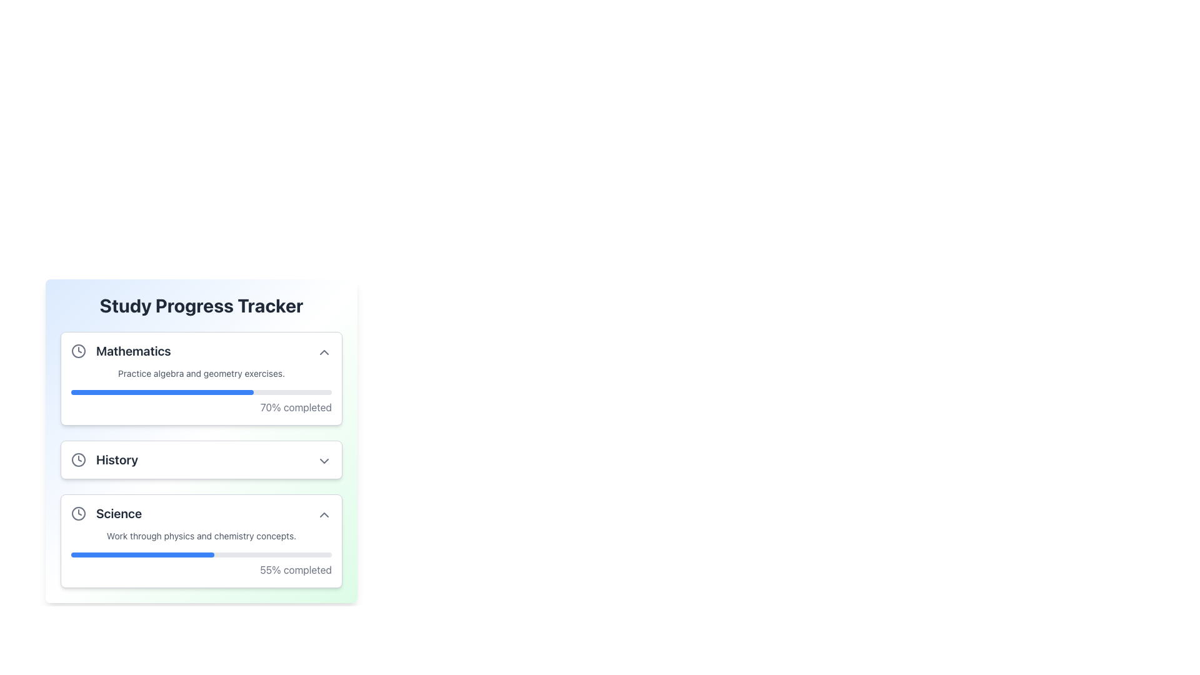 Image resolution: width=1200 pixels, height=675 pixels. What do you see at coordinates (142, 554) in the screenshot?
I see `the progress indicator bar that visually represents a 55% completion metric, located within the 'Science' progress tracking card` at bounding box center [142, 554].